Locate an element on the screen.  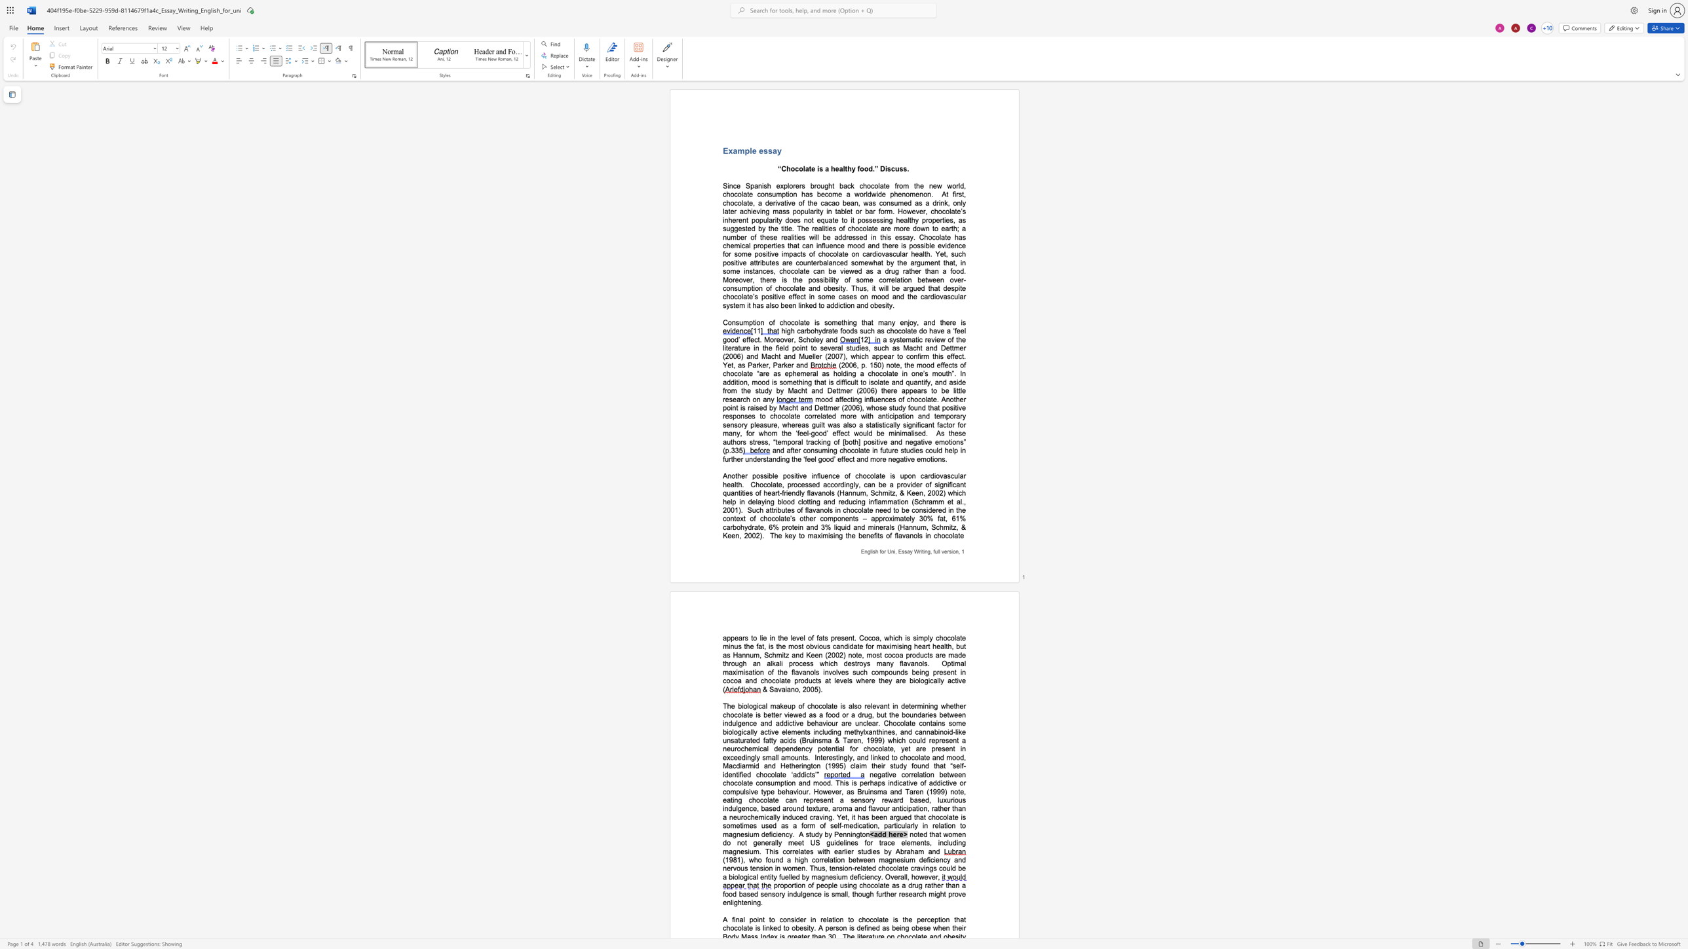
the space between the continuous character "o" and "n" in the text is located at coordinates (911, 475).